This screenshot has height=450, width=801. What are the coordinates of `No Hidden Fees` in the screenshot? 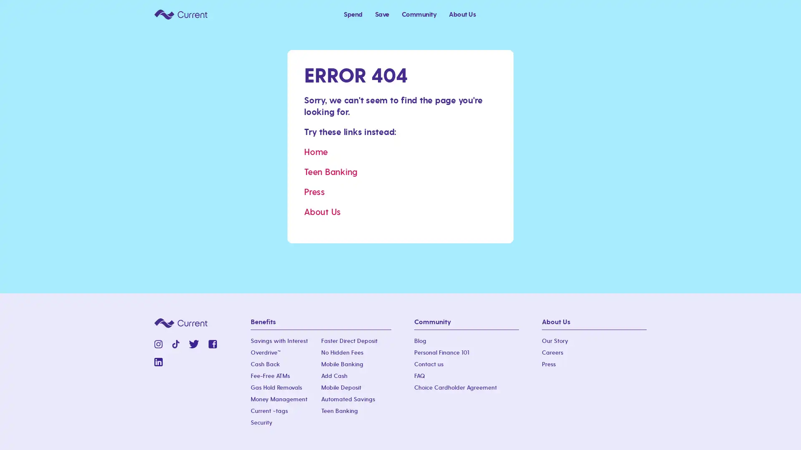 It's located at (342, 353).